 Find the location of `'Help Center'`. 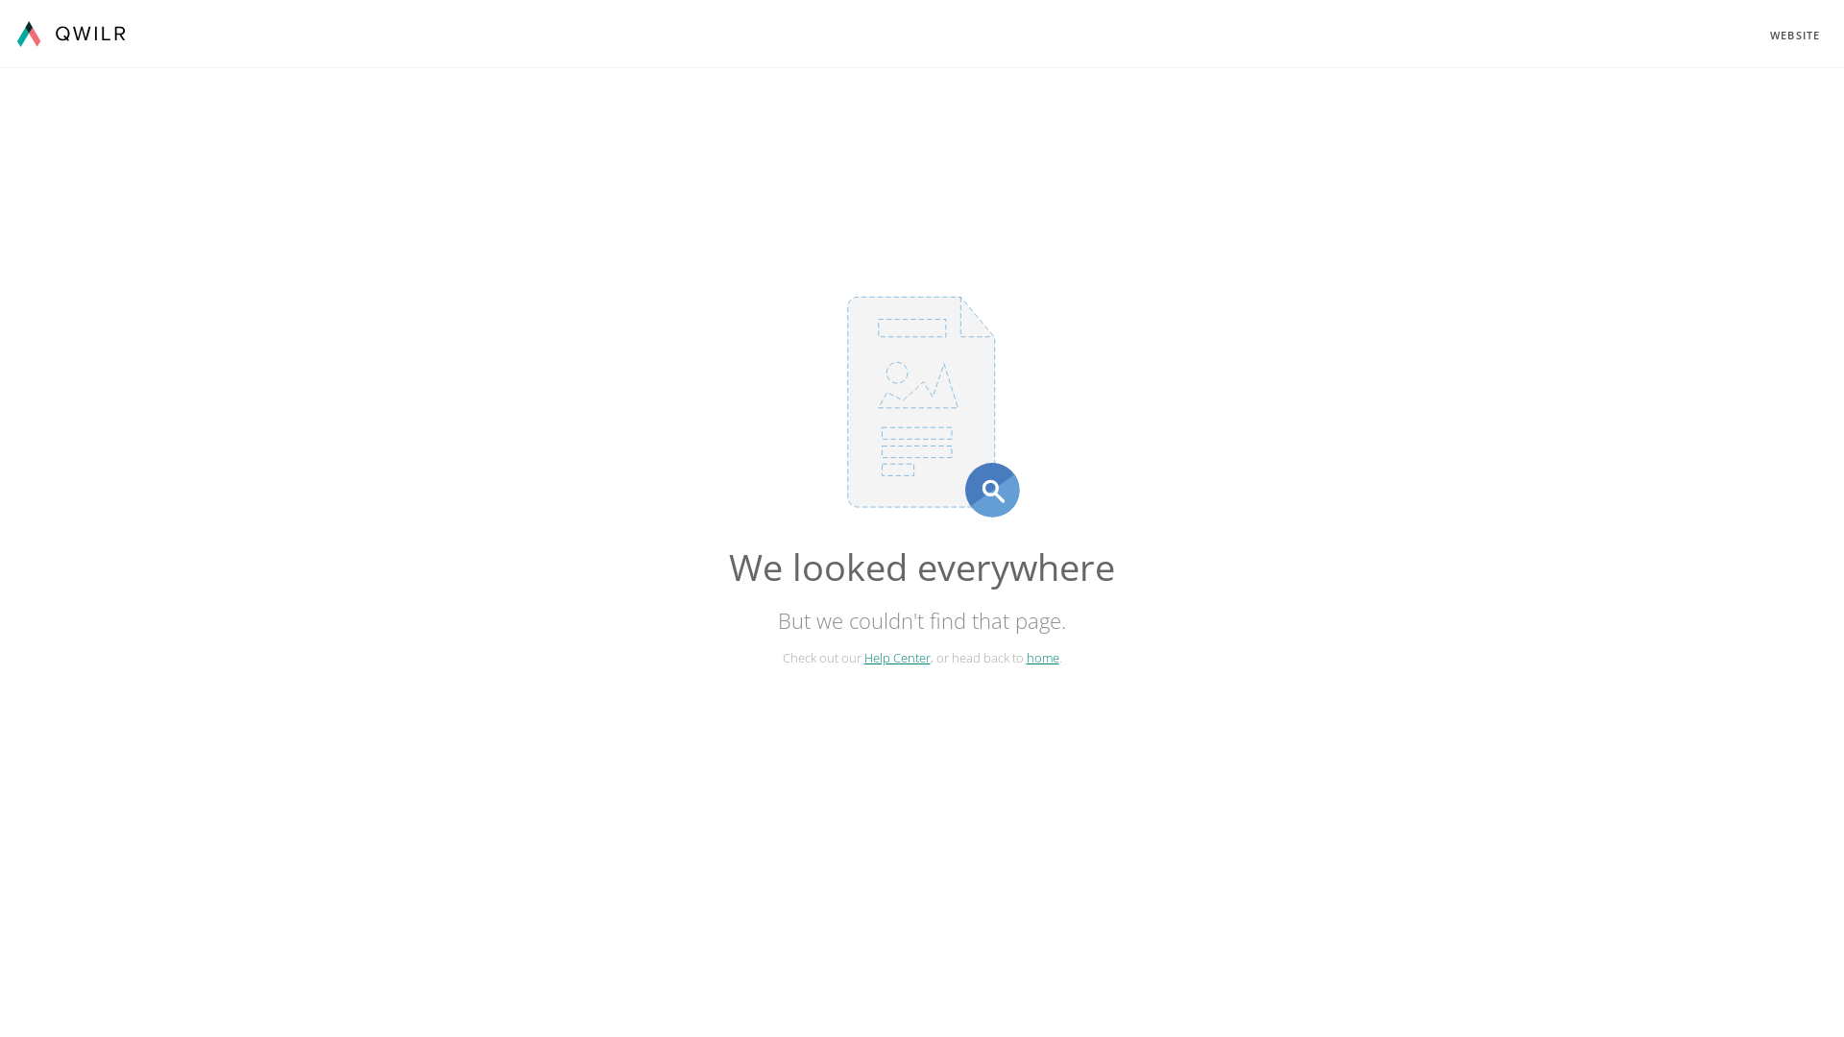

'Help Center' is located at coordinates (863, 657).